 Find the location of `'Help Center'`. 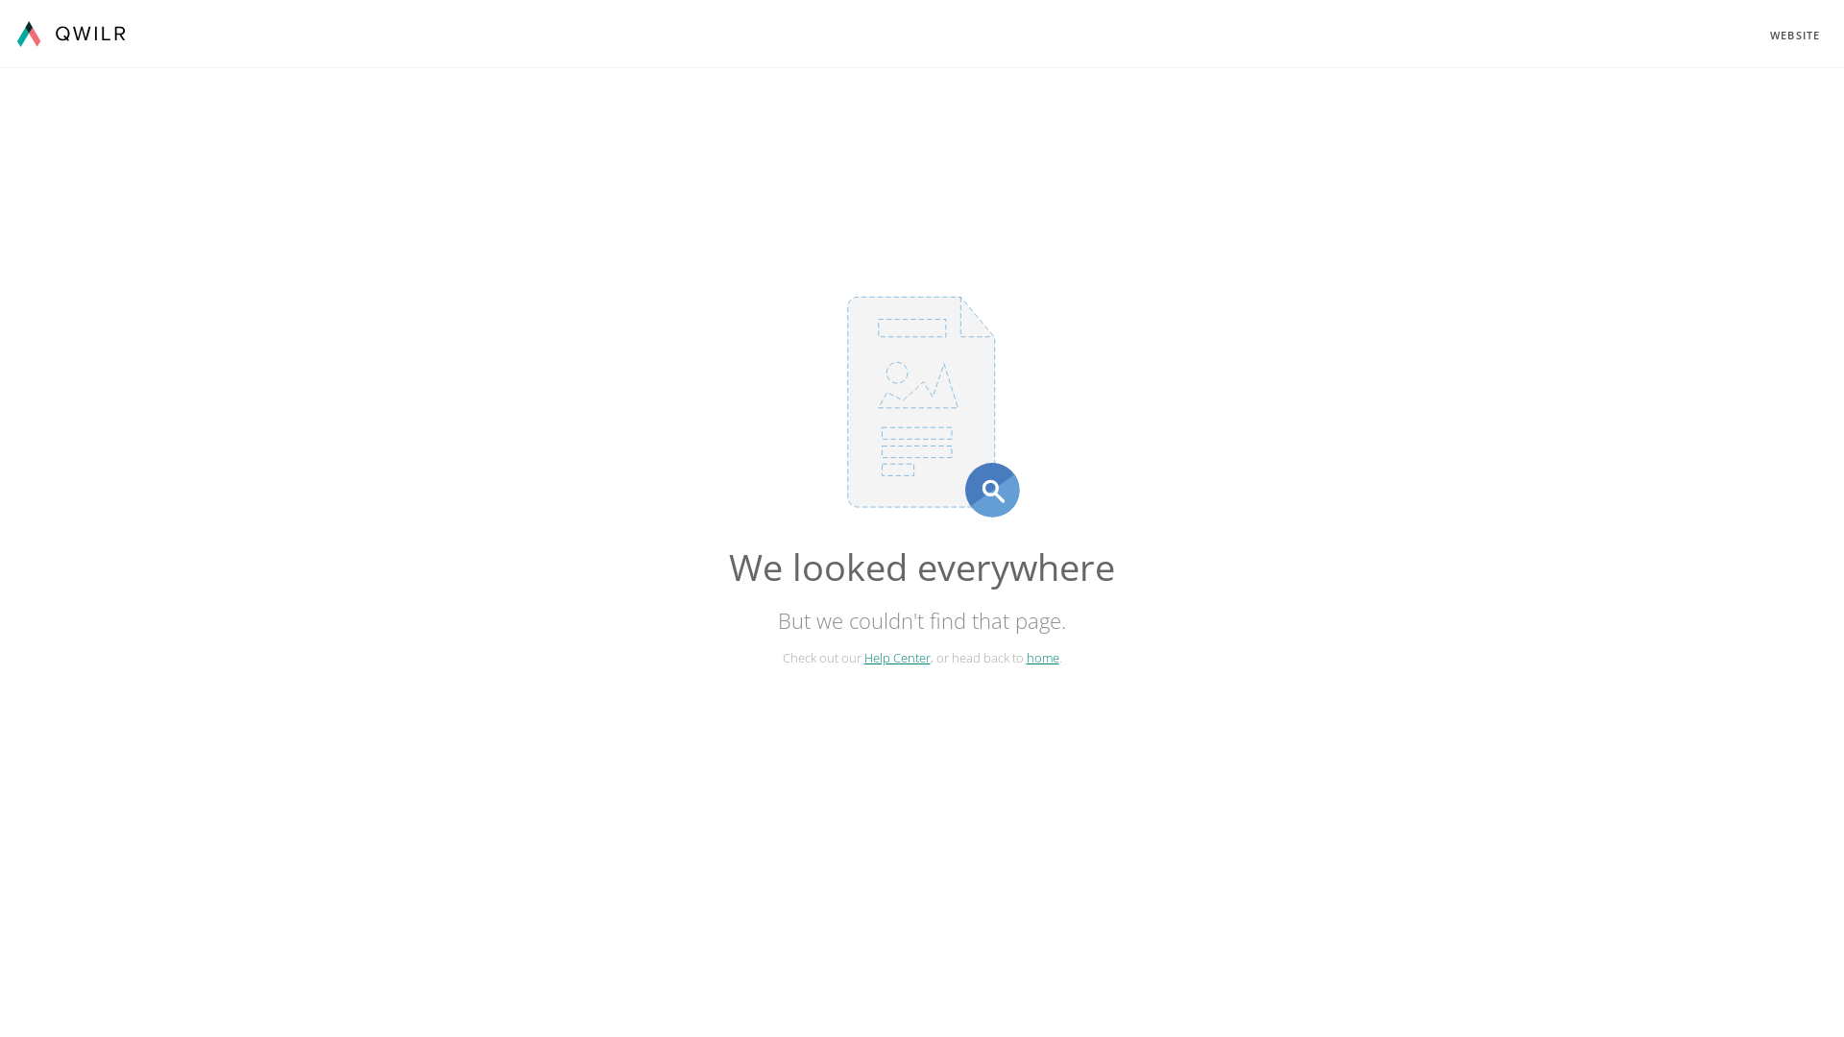

'Help Center' is located at coordinates (863, 657).